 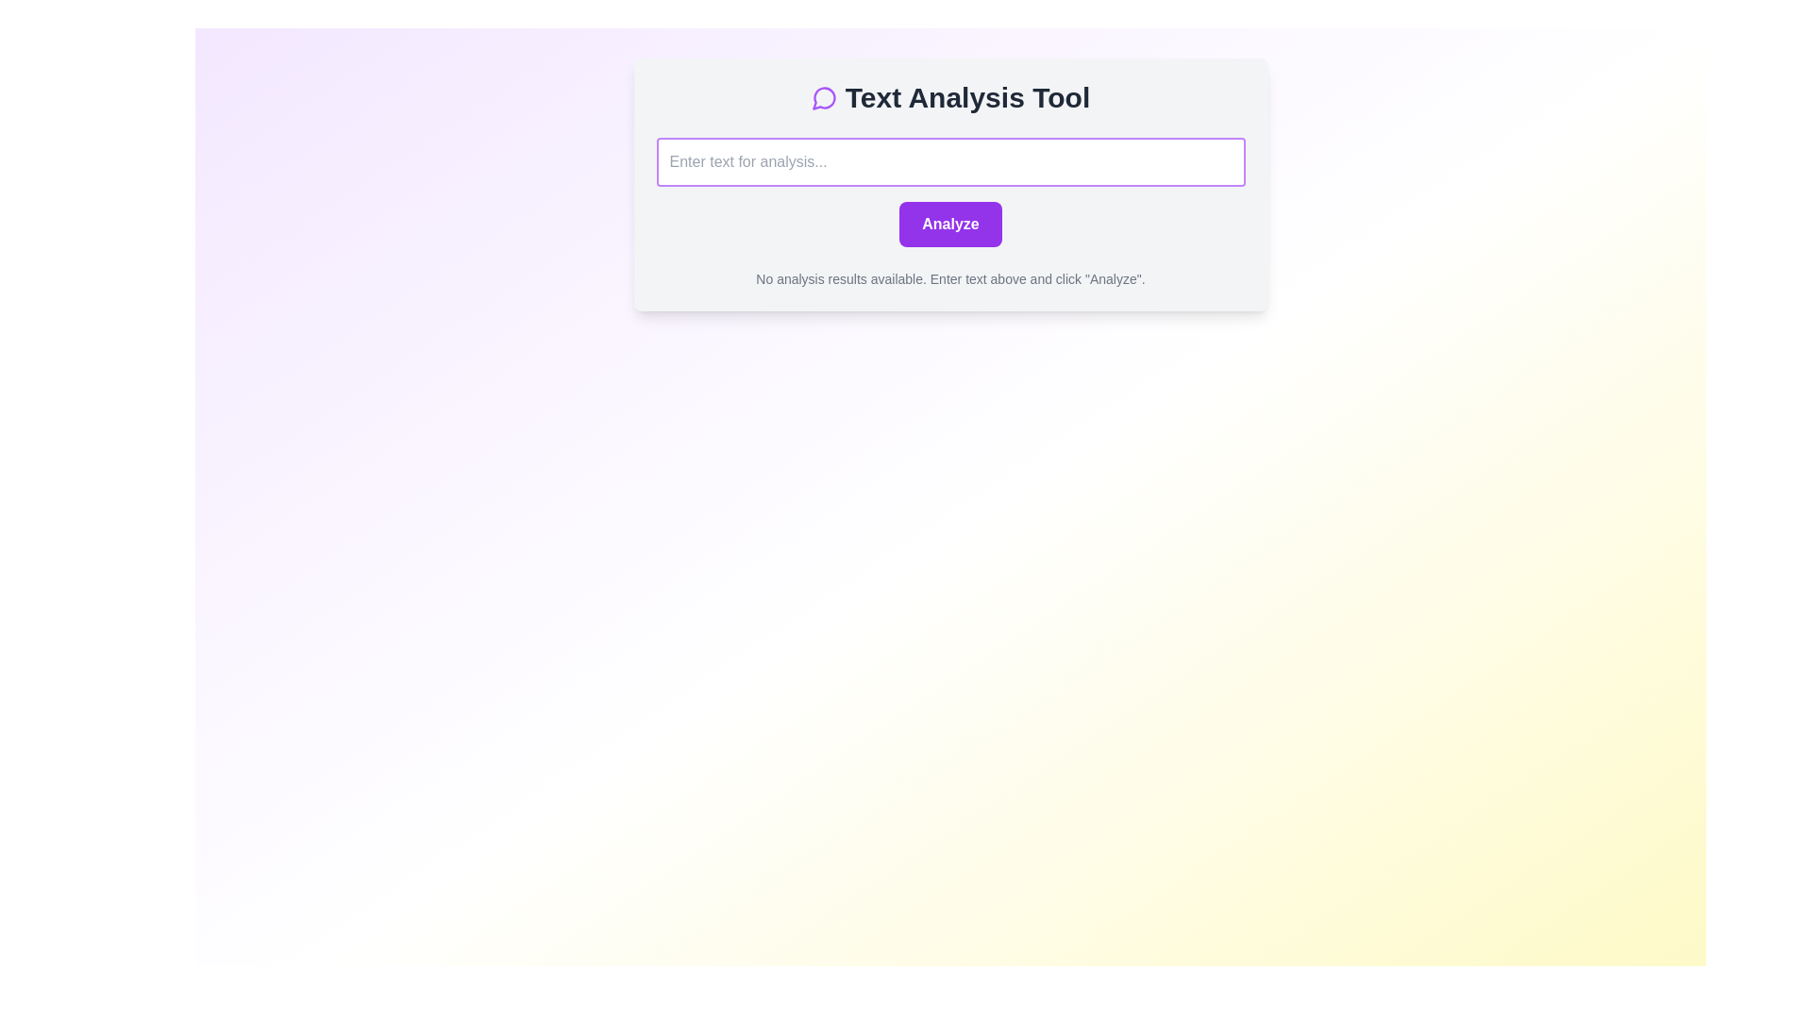 What do you see at coordinates (950, 192) in the screenshot?
I see `the 'Analyze' button, which is part of a composite UI element consisting of a text input field and a button, styled with a vibrant purple background and white text, located centrally below the title 'Text Analysis Tool'` at bounding box center [950, 192].